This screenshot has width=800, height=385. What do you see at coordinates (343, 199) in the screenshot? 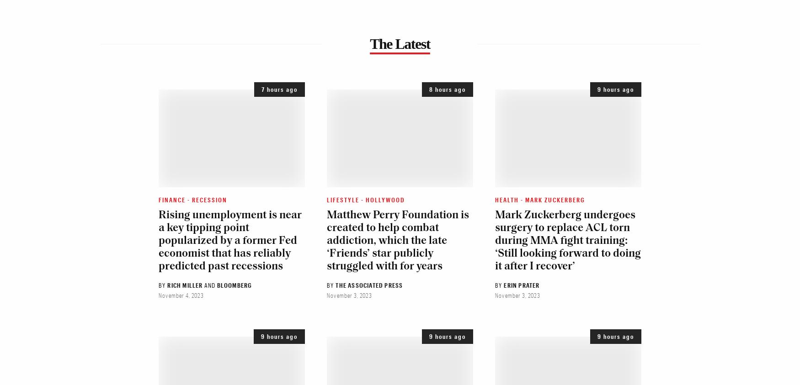
I see `'Lifestyle'` at bounding box center [343, 199].